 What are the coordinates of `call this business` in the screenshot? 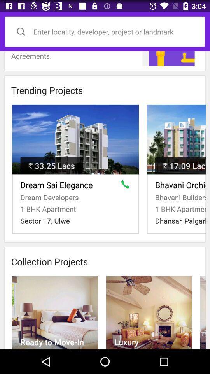 It's located at (127, 186).